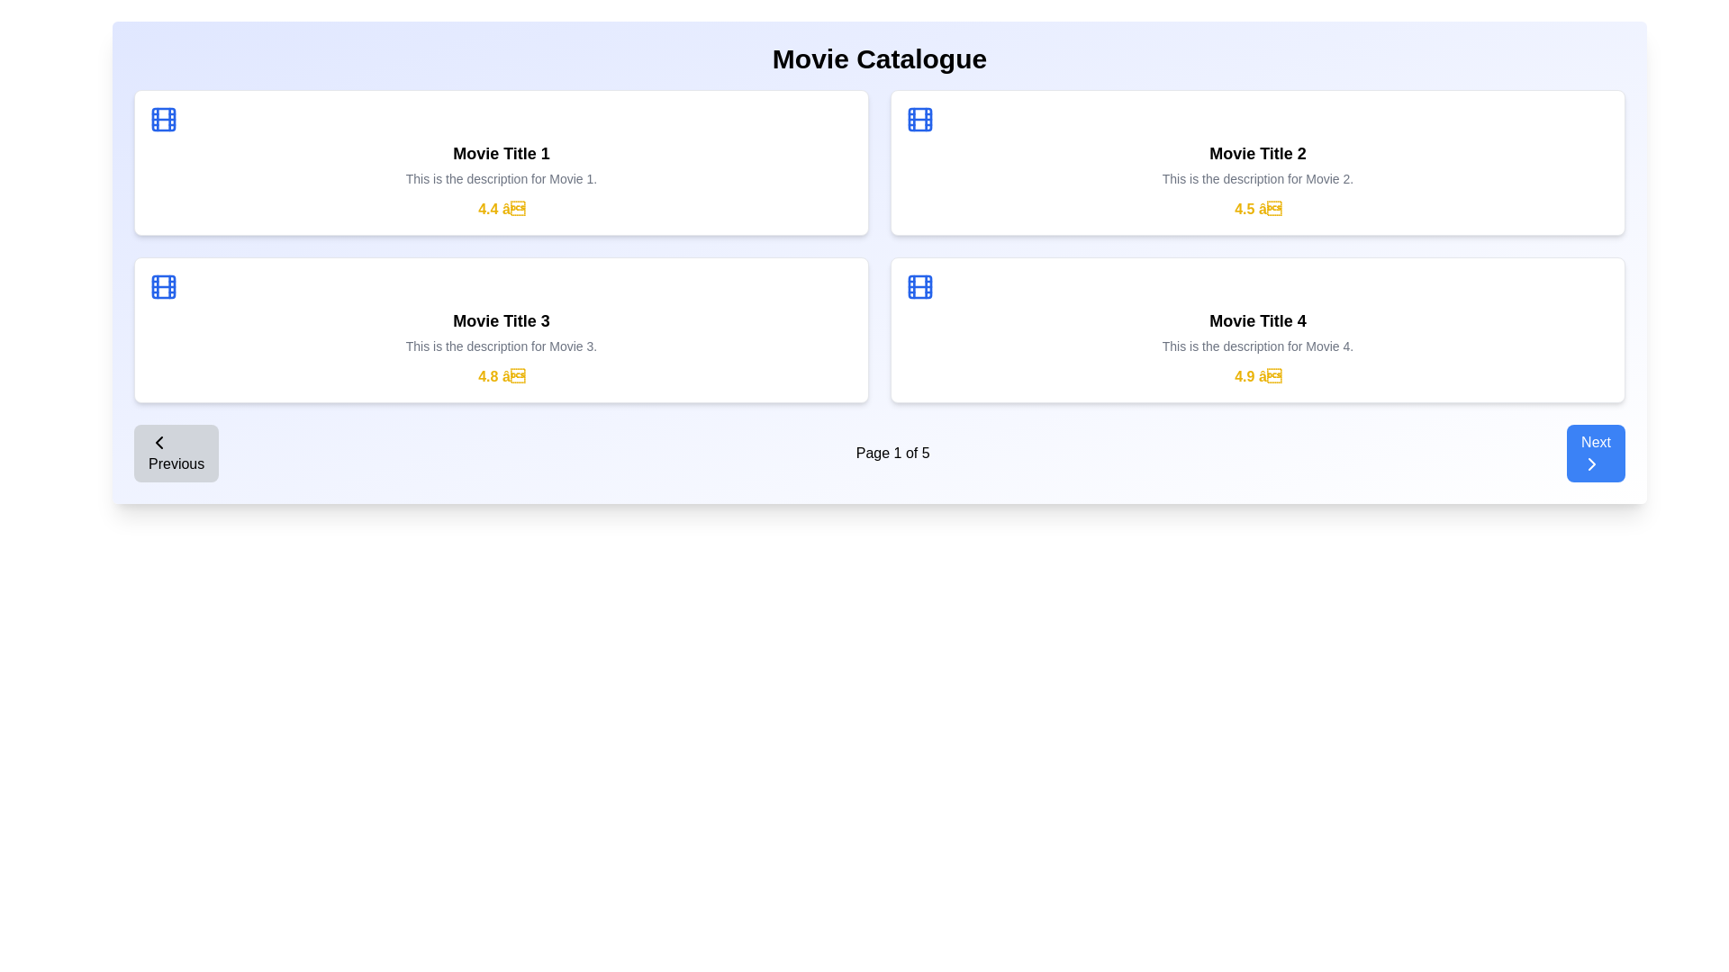  What do you see at coordinates (159, 443) in the screenshot?
I see `the 'Previous' button which contains the left-facing chevron arrow icon` at bounding box center [159, 443].